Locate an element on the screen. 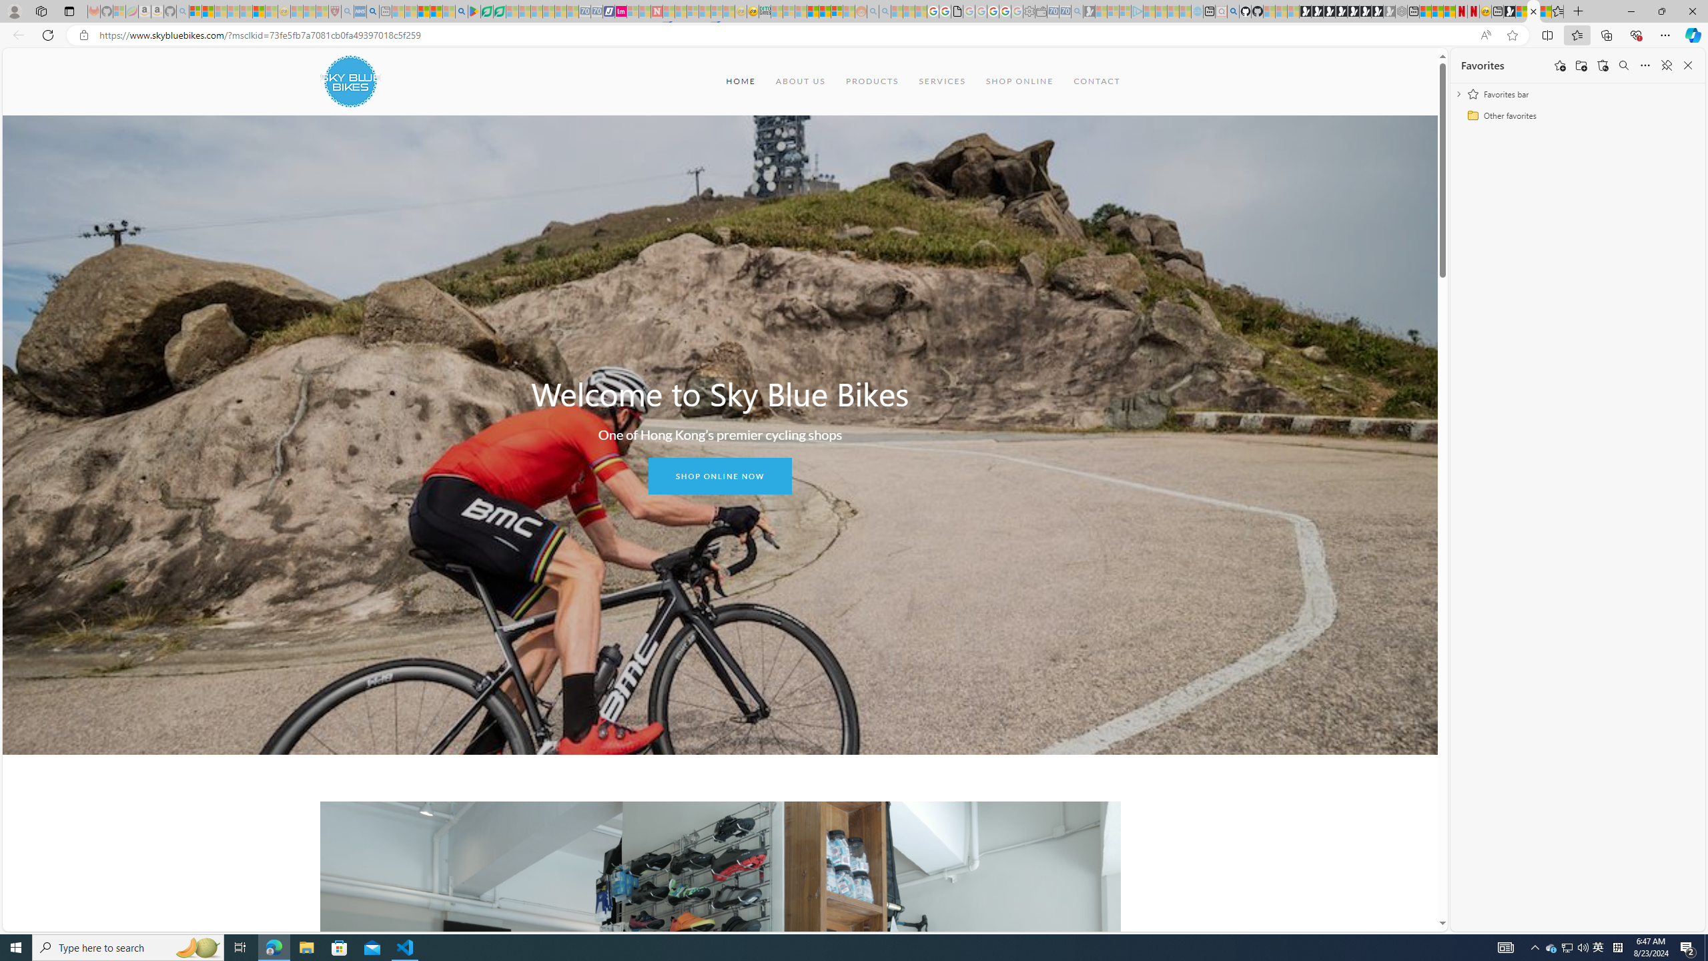 This screenshot has width=1708, height=961. 'Expert Portfolios' is located at coordinates (813, 11).